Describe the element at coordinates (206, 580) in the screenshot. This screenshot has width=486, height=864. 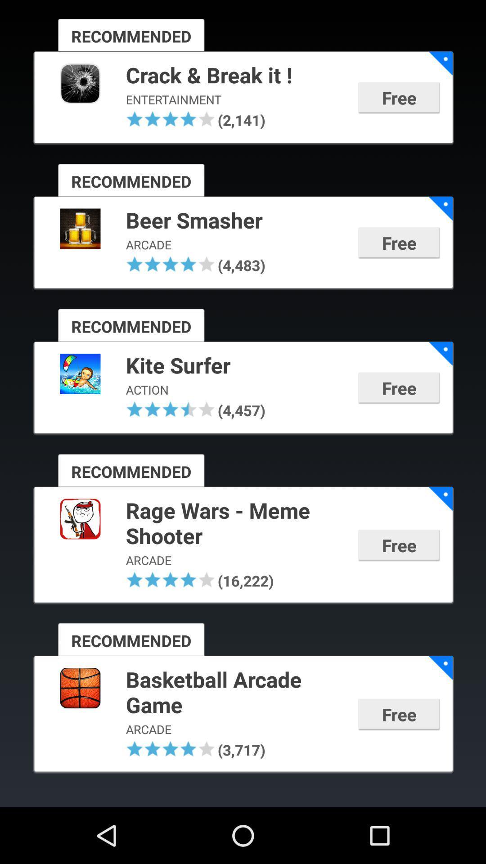
I see `app to the left of (16,222)` at that location.